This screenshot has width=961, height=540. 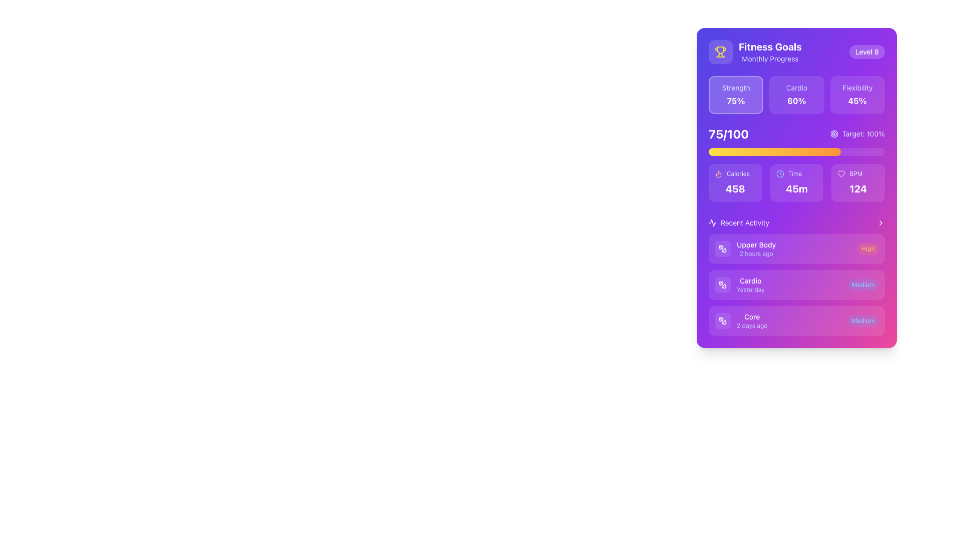 I want to click on the Section Header, which introduces the section discussing recent activities, so click(x=739, y=222).